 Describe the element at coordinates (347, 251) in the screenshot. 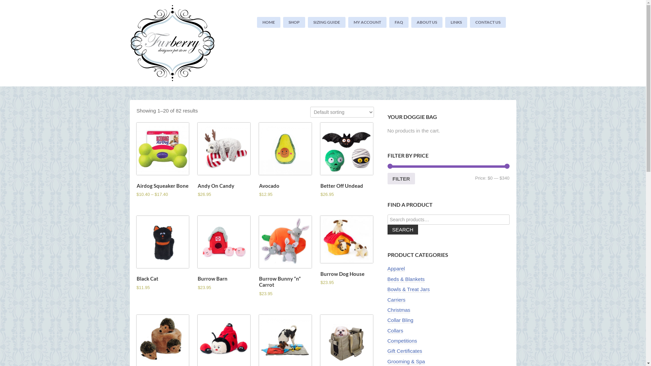

I see `'Burrow Dog House` at that location.